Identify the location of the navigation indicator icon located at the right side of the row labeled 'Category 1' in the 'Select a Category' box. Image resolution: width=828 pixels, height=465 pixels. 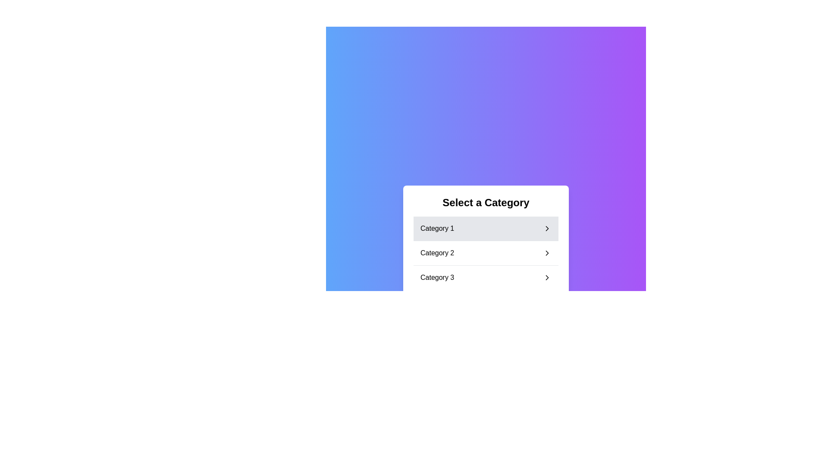
(546, 228).